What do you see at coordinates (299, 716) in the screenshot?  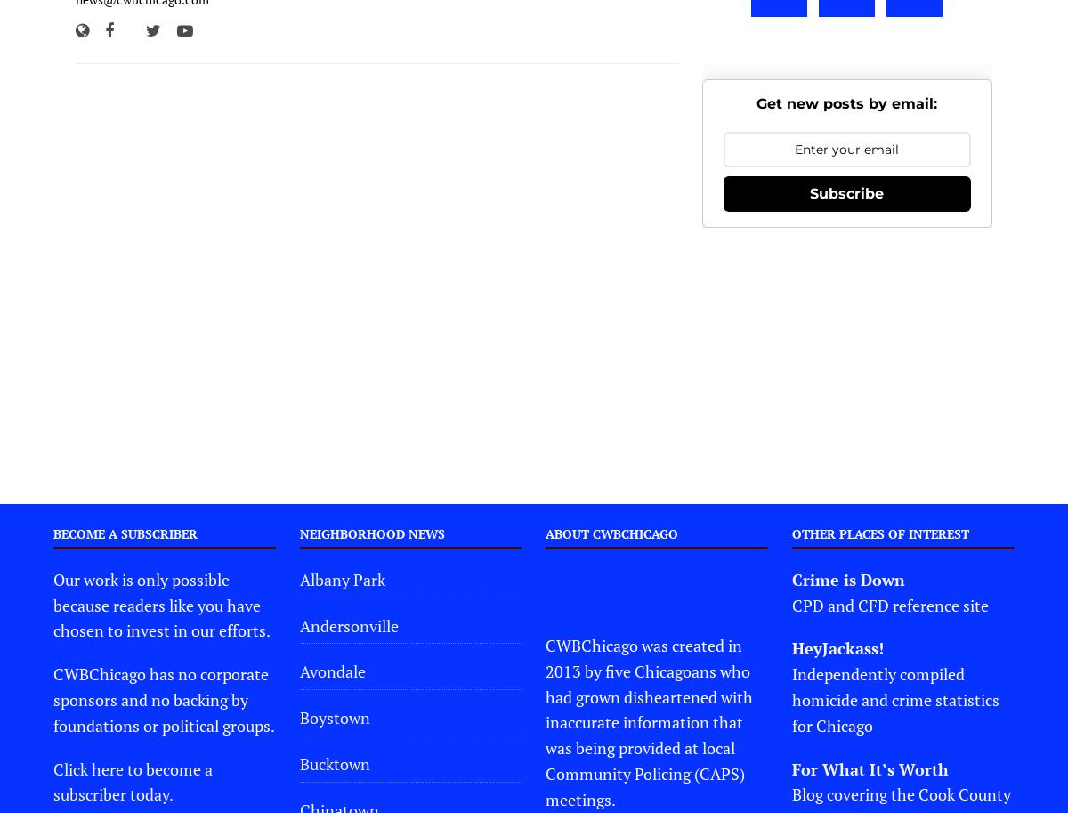 I see `'Boystown'` at bounding box center [299, 716].